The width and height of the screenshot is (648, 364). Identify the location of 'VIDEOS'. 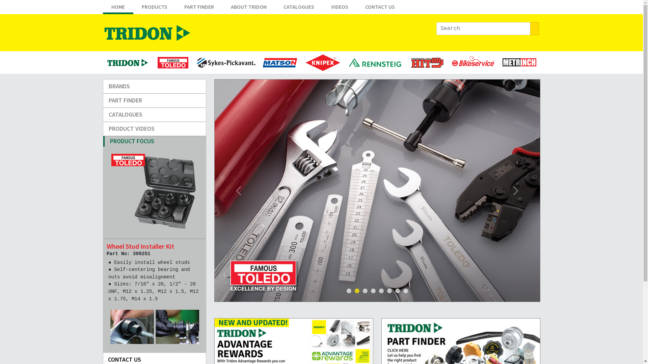
(340, 8).